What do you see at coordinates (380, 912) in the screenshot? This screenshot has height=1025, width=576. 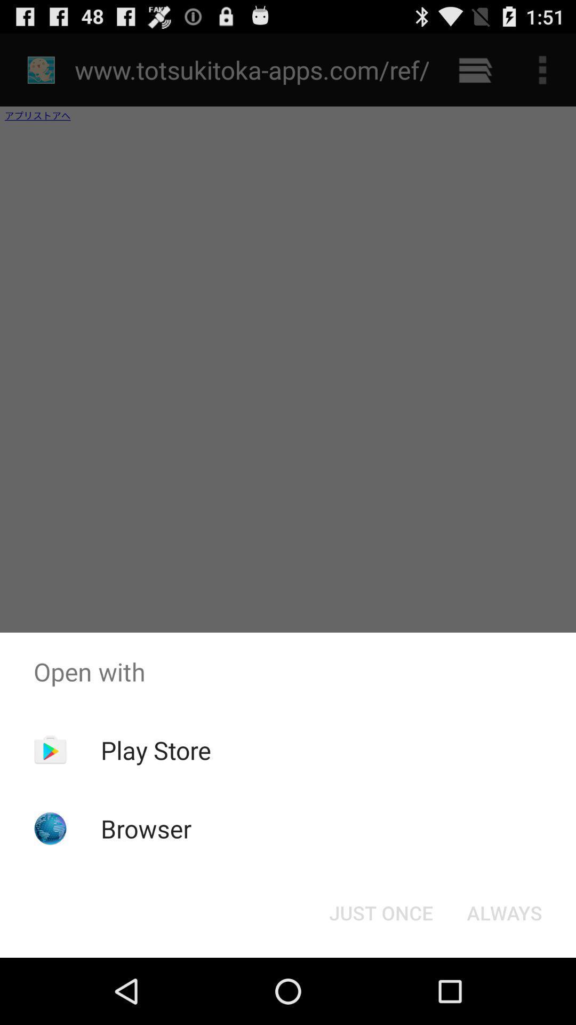 I see `the button next to always button` at bounding box center [380, 912].